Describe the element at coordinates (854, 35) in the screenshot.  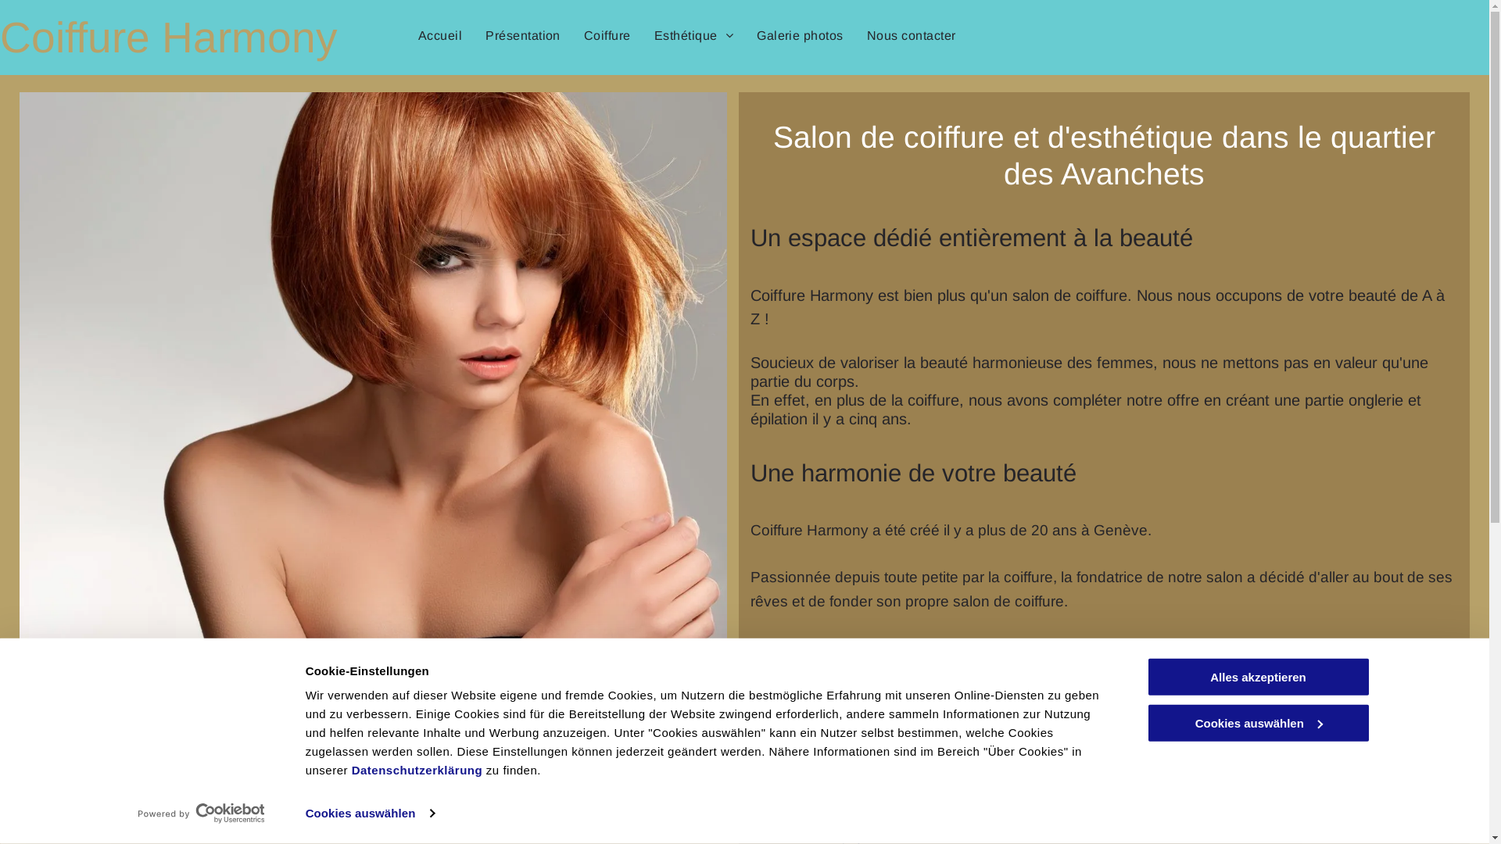
I see `'Nous contacter'` at that location.